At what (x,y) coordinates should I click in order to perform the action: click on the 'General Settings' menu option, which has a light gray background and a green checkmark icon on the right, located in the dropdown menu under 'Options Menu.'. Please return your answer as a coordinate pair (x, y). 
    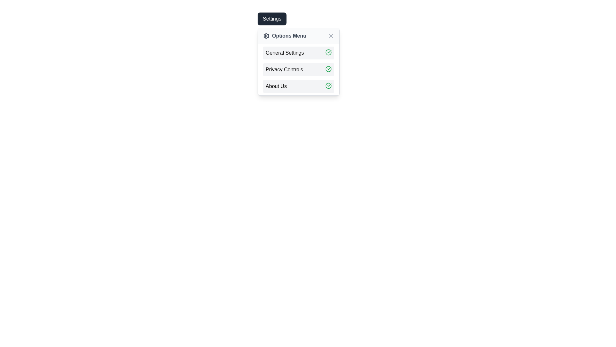
    Looking at the image, I should click on (298, 53).